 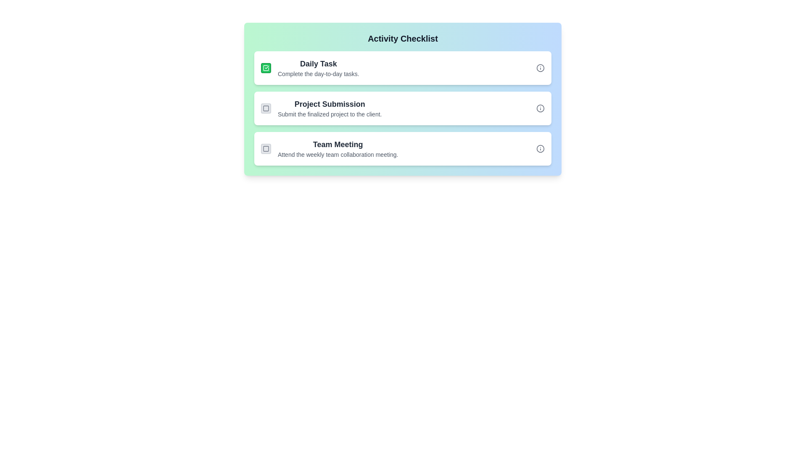 What do you see at coordinates (541, 108) in the screenshot?
I see `the SVG Circle element with a radius of 10 pixels, located to the right of the 'Project Submission' checklist item` at bounding box center [541, 108].